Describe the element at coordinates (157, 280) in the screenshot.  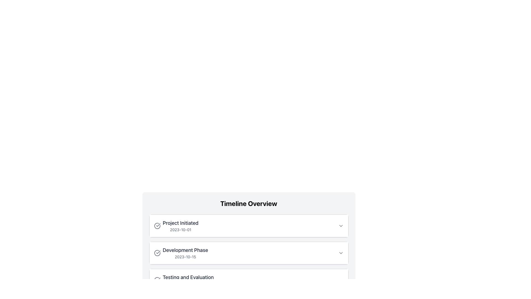
I see `the circular gray icon with a checkmark inside, located to the left of the 'Testing and Evaluation' text` at that location.